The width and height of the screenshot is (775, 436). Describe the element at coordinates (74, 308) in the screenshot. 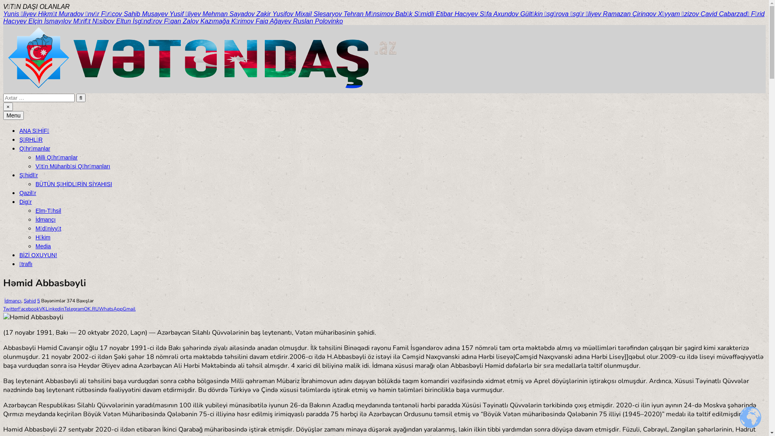

I see `'Telegram'` at that location.